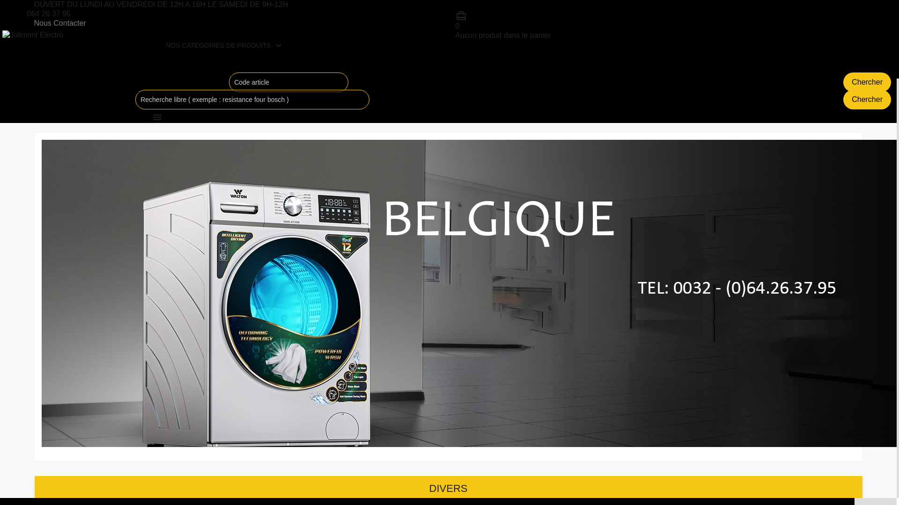  I want to click on 'NOS CATEGORIES DE PRODUITS', so click(219, 45).